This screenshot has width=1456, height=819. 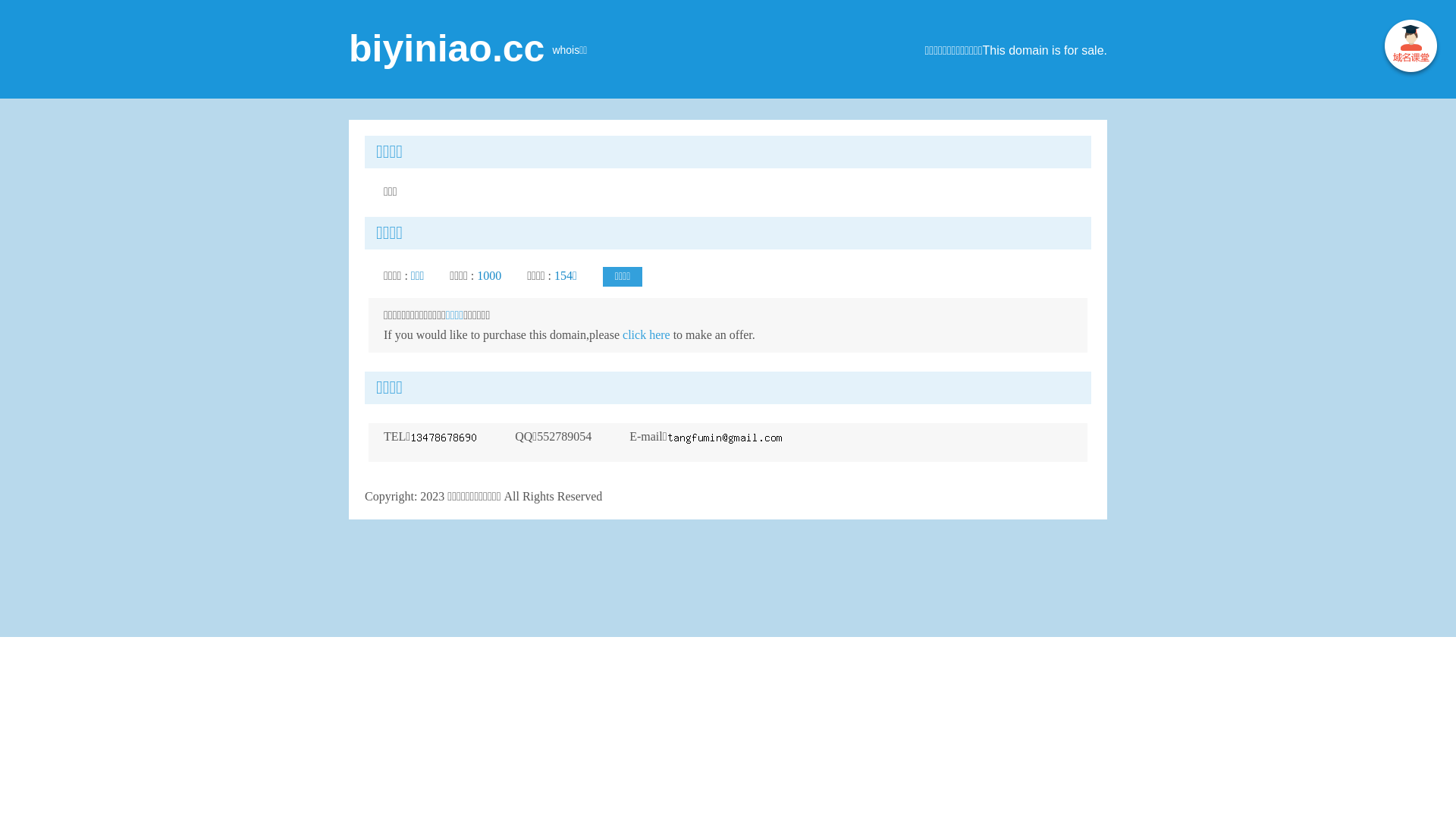 I want to click on 'click here', so click(x=646, y=334).